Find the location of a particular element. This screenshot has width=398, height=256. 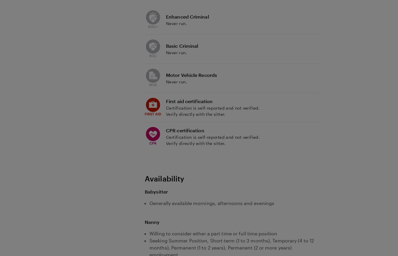

'Motor Vehicle Records' is located at coordinates (165, 75).